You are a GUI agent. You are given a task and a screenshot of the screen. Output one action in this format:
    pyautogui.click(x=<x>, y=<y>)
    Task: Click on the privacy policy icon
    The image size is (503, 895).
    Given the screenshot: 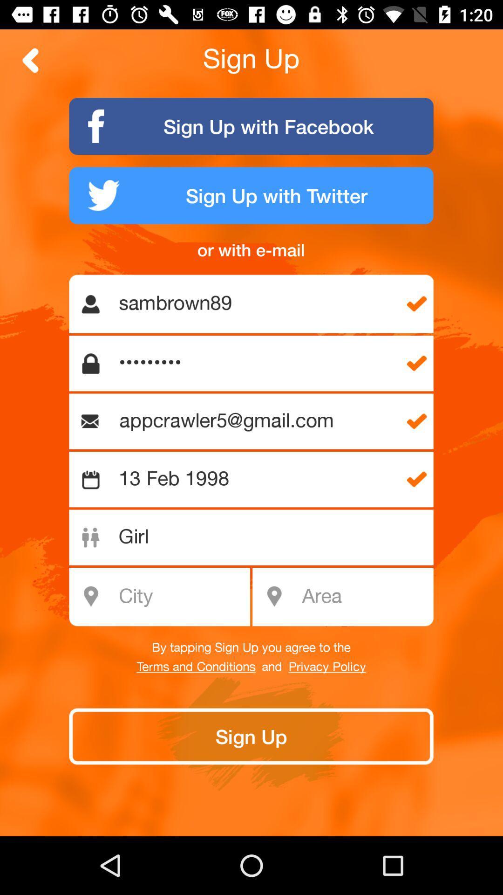 What is the action you would take?
    pyautogui.click(x=326, y=667)
    